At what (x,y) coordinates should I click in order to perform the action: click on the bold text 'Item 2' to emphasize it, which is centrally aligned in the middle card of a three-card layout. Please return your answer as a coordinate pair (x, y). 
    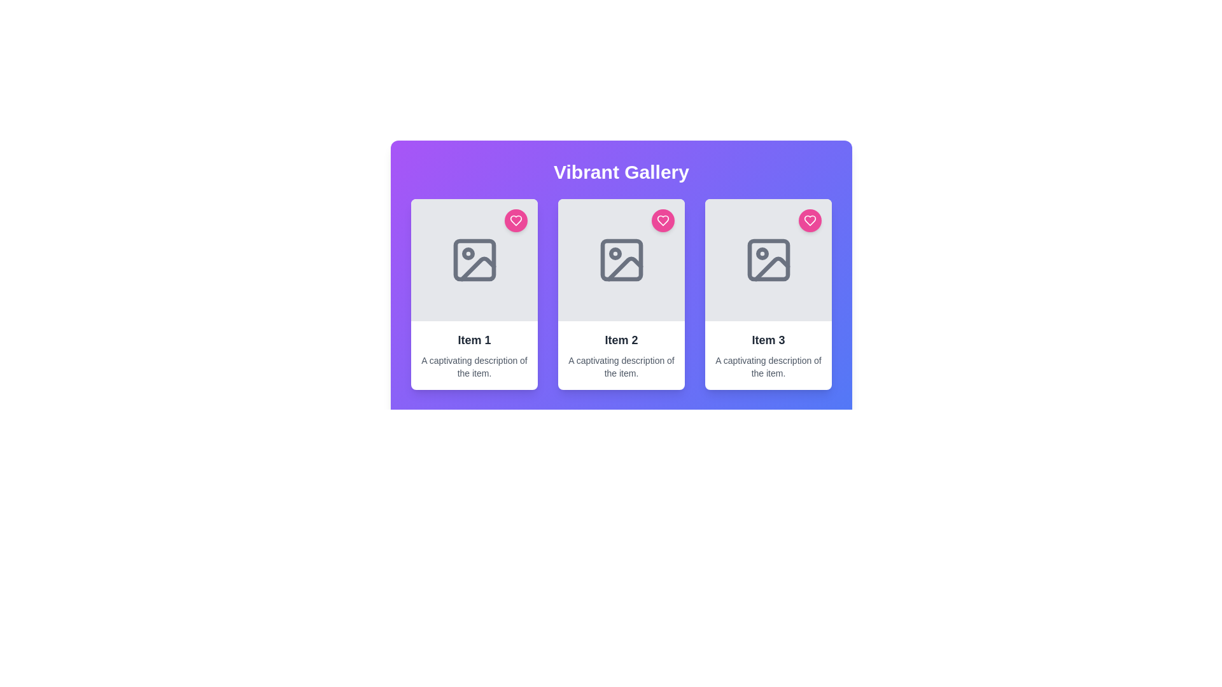
    Looking at the image, I should click on (621, 340).